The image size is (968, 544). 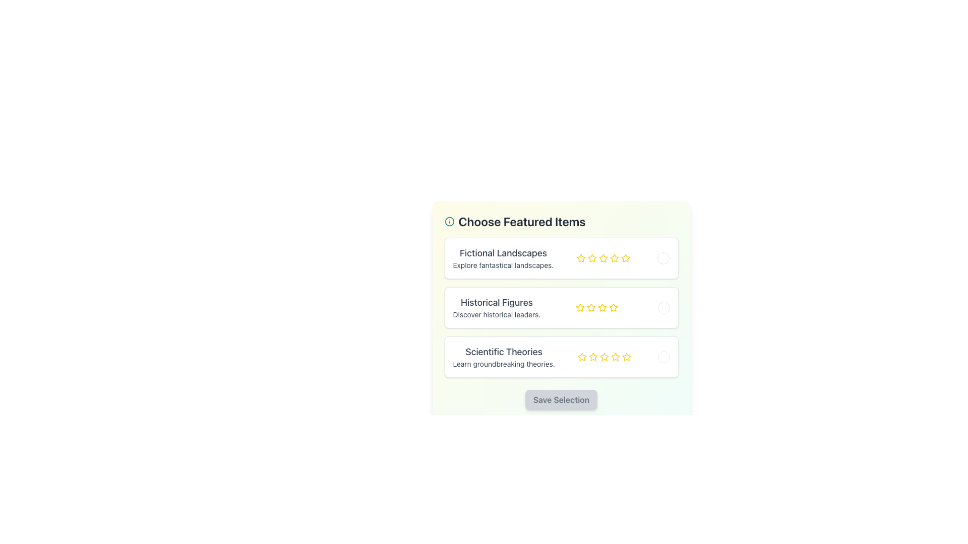 What do you see at coordinates (449, 221) in the screenshot?
I see `the circular icon with a teal outline and symbol, located to the left of the 'Choose Featured Items' header text` at bounding box center [449, 221].